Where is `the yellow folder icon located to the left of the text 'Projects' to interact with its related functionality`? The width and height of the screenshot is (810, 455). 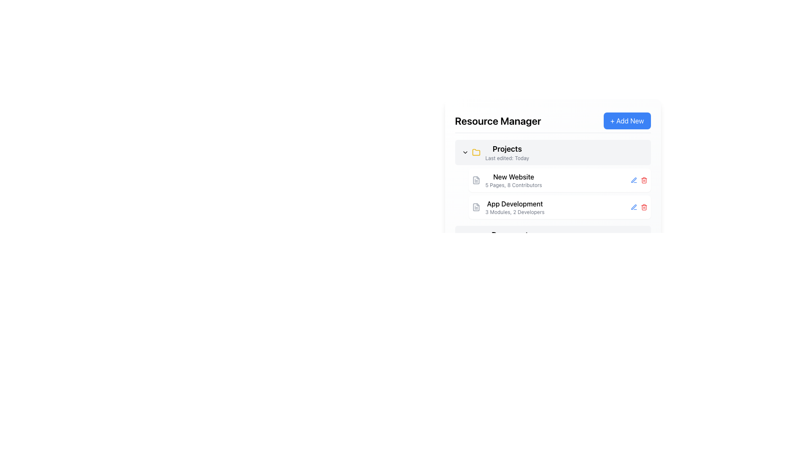
the yellow folder icon located to the left of the text 'Projects' to interact with its related functionality is located at coordinates (476, 153).